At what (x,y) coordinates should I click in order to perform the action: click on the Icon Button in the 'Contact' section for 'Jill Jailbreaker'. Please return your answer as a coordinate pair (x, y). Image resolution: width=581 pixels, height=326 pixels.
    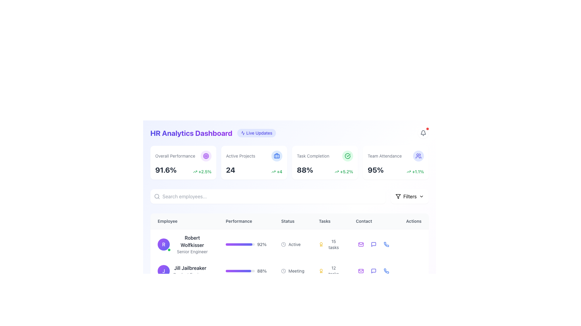
    Looking at the image, I should click on (373, 271).